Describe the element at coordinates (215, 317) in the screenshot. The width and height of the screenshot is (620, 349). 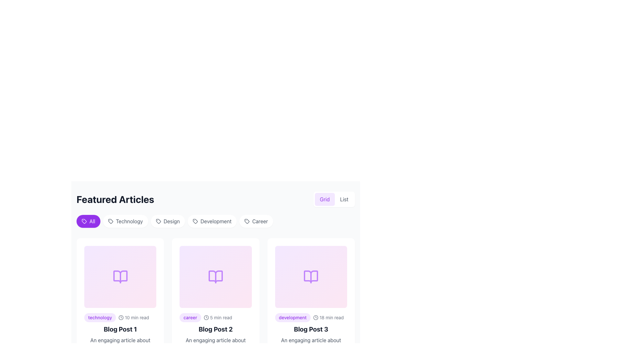
I see `metadata row displaying the estimated reading time ('5 min read') and category ('career') for the 'Blog Post 2' card, located at the top of the text content beneath the image placeholder` at that location.